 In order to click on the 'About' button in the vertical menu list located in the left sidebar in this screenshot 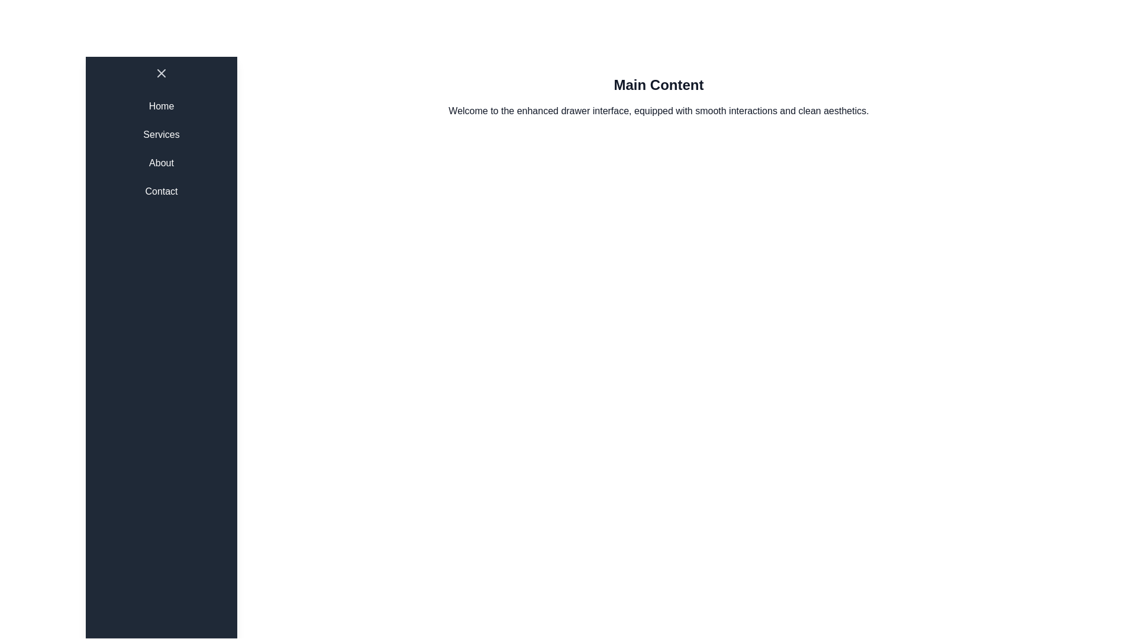, I will do `click(161, 163)`.